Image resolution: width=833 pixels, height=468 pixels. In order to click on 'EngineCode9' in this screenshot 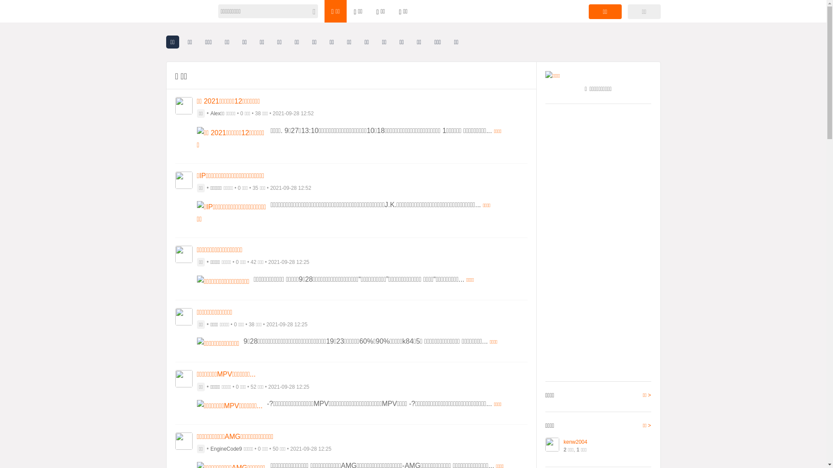, I will do `click(210, 448)`.